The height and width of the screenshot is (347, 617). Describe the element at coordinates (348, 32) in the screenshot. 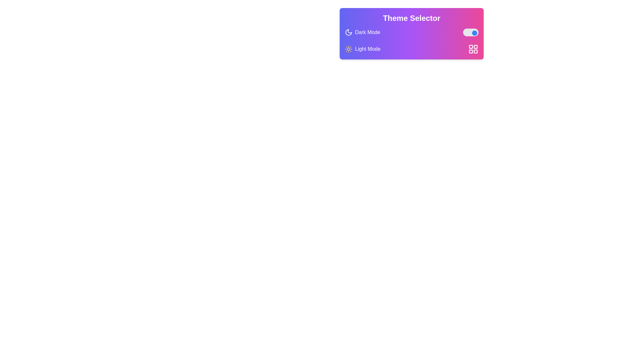

I see `the 'Dark Mode' icon located to the left of the 'Dark Mode' label in the theme selector section for context` at that location.